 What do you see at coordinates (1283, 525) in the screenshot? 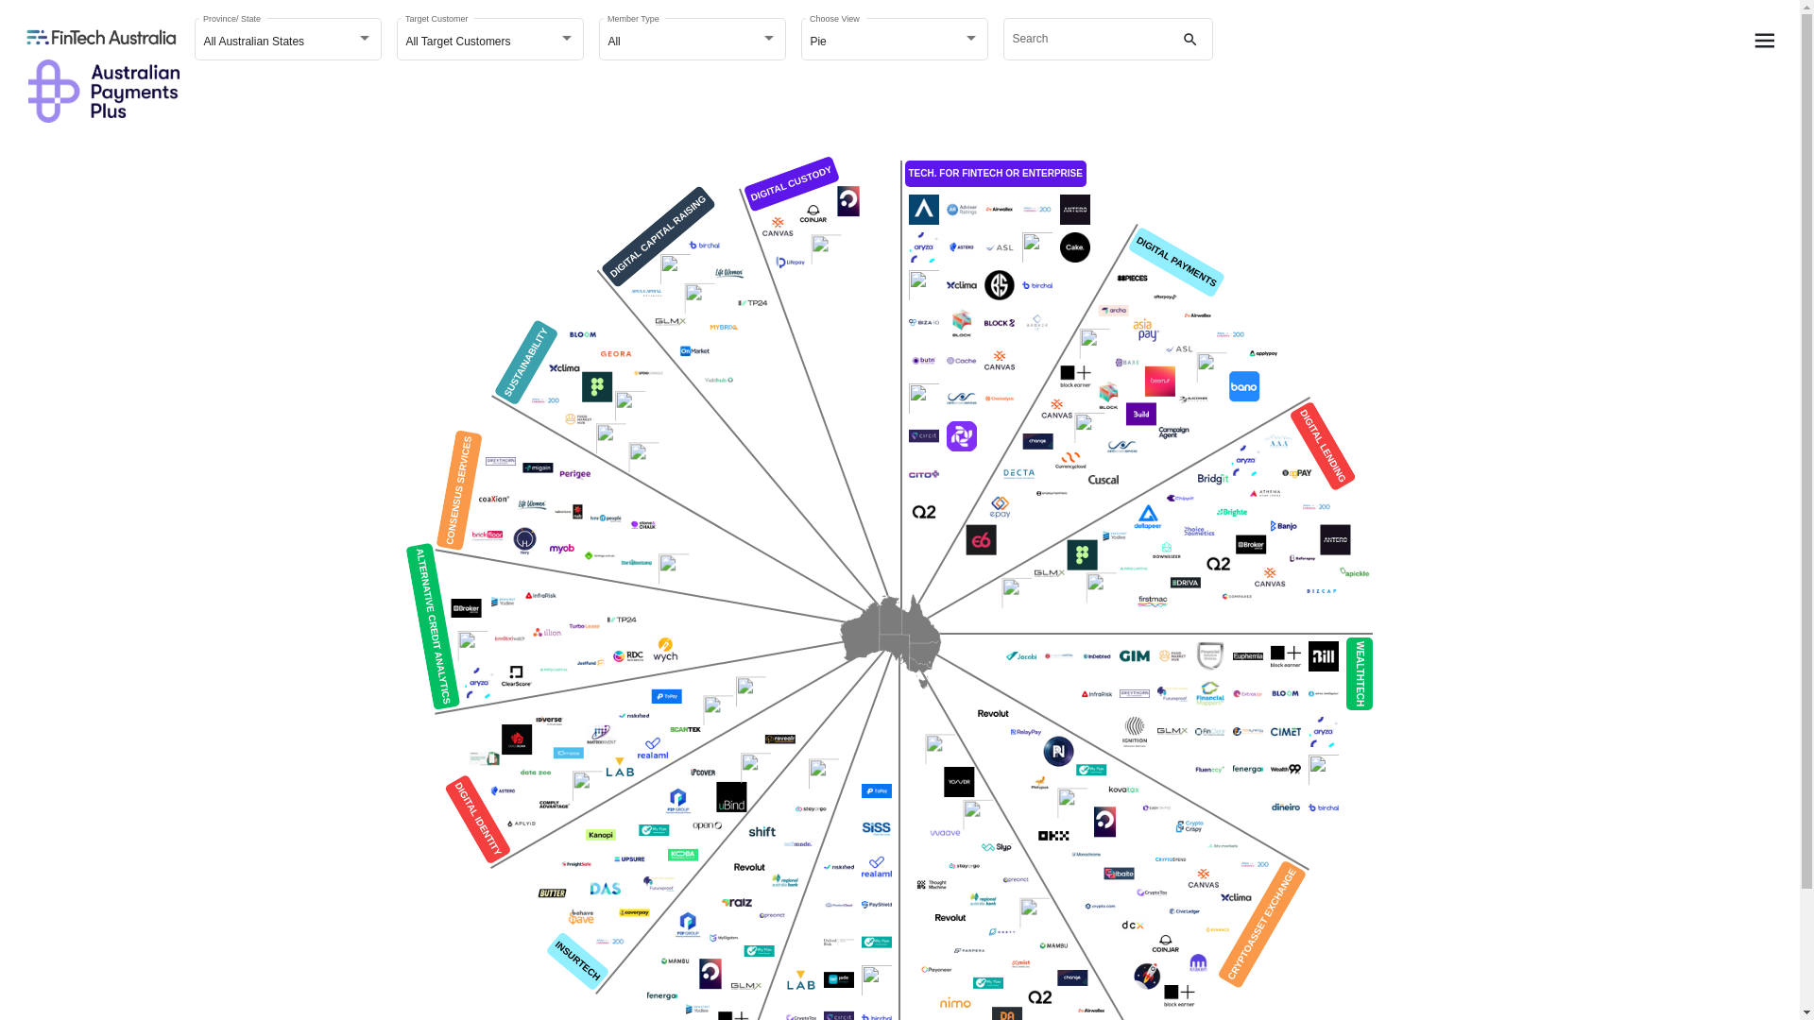
I see `'Banjo Loans'` at bounding box center [1283, 525].